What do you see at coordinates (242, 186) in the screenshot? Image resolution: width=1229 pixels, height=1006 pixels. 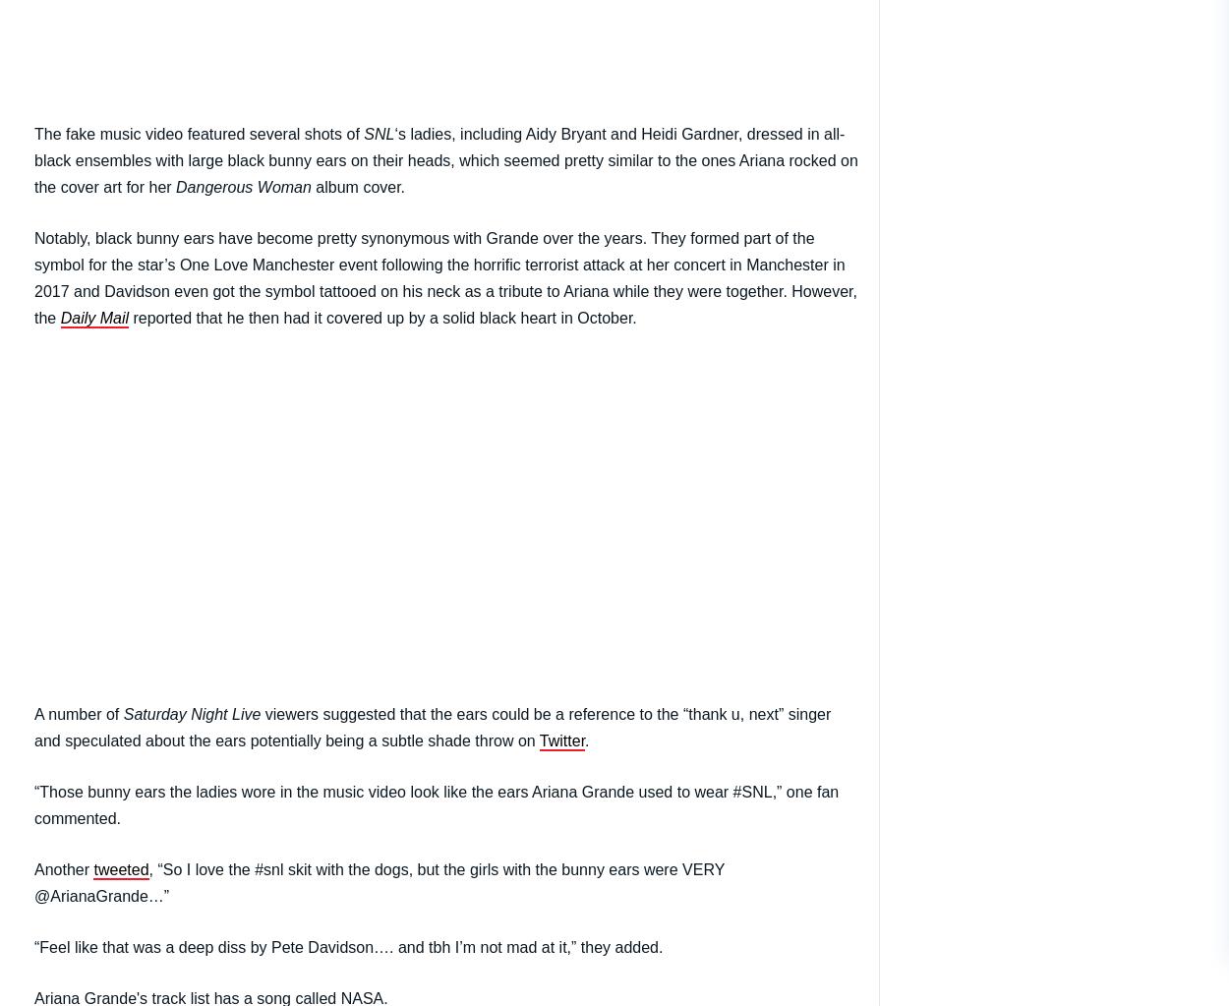 I see `'Dangerous Woman'` at bounding box center [242, 186].